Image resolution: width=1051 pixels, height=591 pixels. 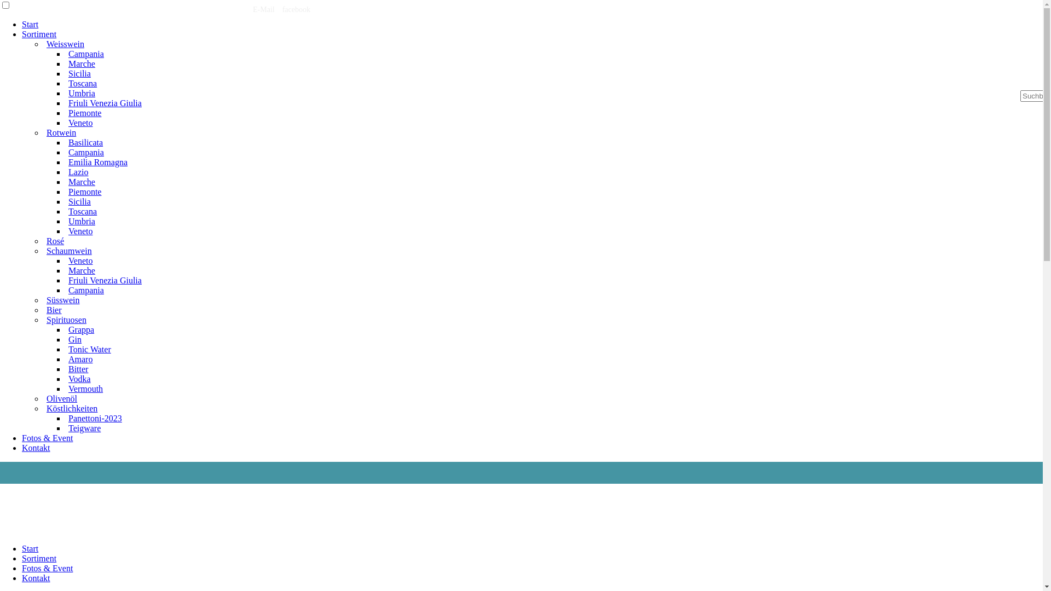 What do you see at coordinates (80, 260) in the screenshot?
I see `'Veneto'` at bounding box center [80, 260].